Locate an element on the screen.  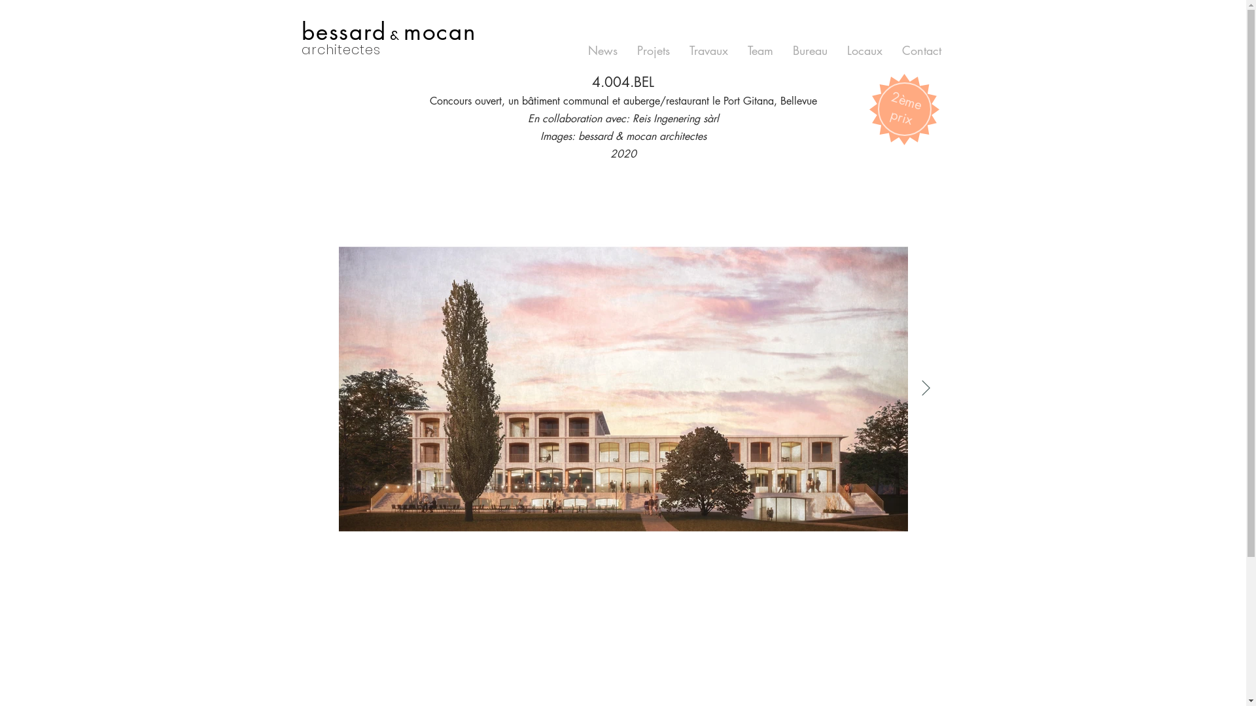
'Contact' is located at coordinates (891, 50).